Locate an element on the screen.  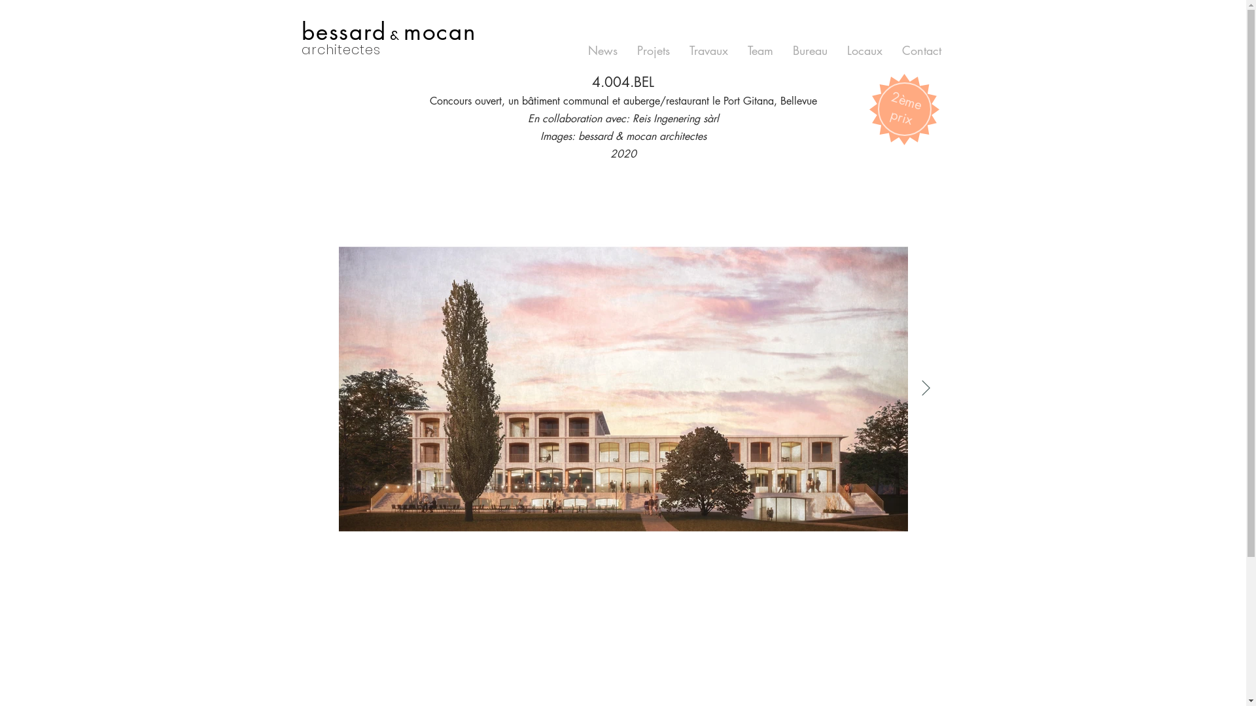
'Contact' is located at coordinates (891, 50).